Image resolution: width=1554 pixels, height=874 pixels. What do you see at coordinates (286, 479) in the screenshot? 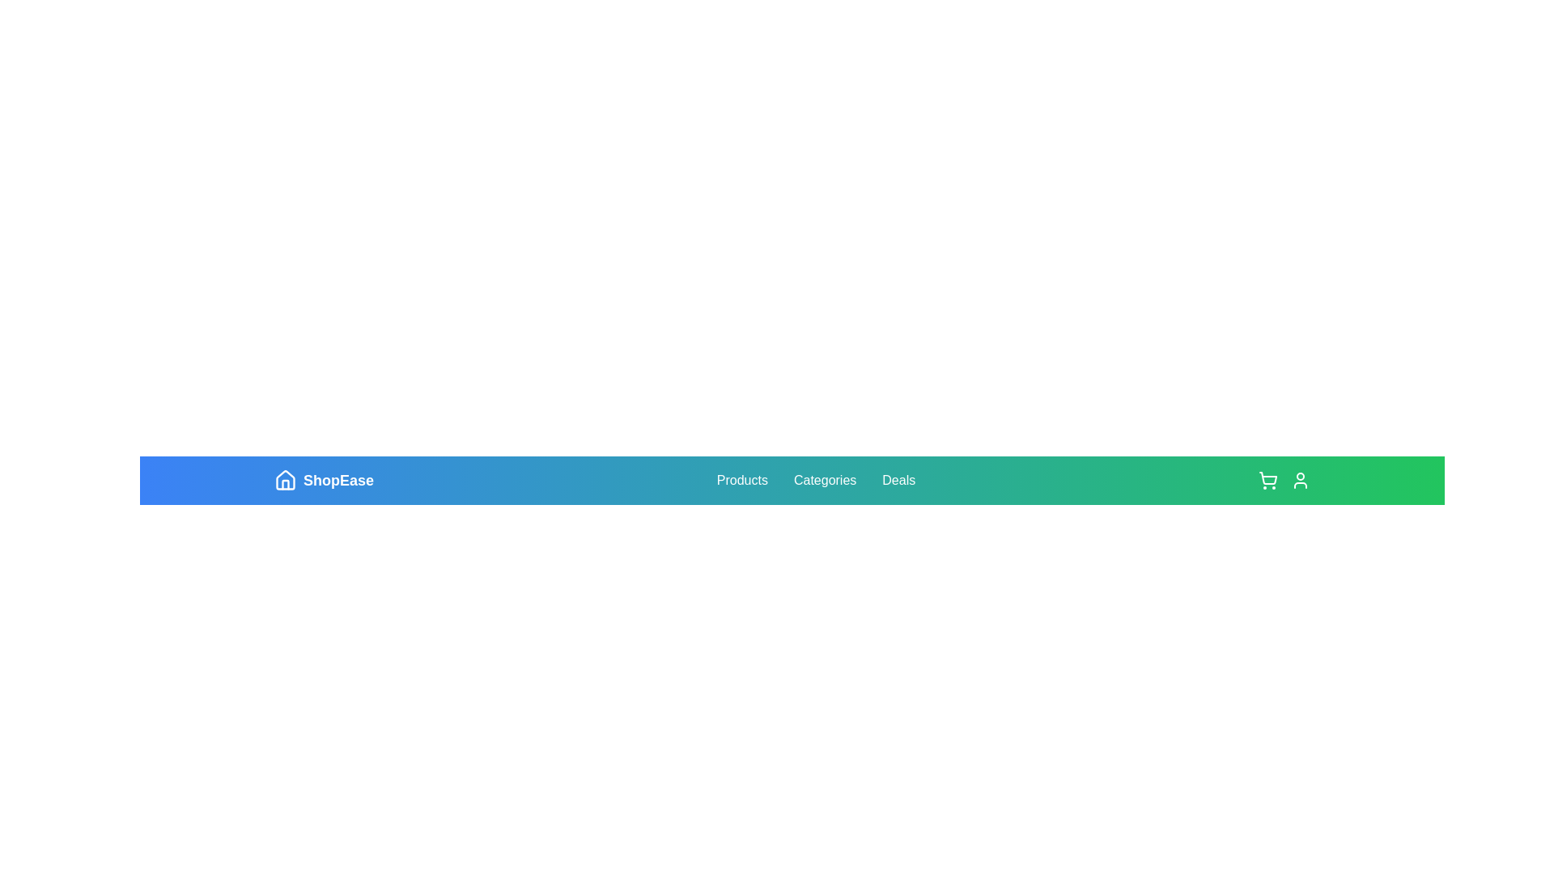
I see `the home icon representing the 'ShopEase' label located in the blue gradient navigation bar` at bounding box center [286, 479].